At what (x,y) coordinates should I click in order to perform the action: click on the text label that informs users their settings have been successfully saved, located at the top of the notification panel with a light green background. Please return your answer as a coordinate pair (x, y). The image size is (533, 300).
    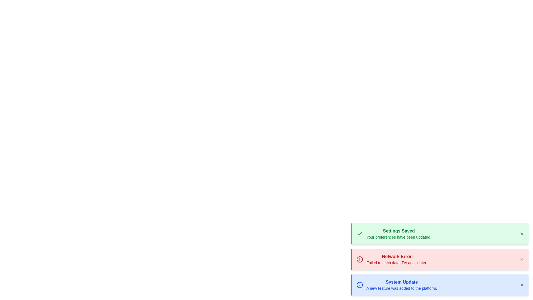
    Looking at the image, I should click on (398, 231).